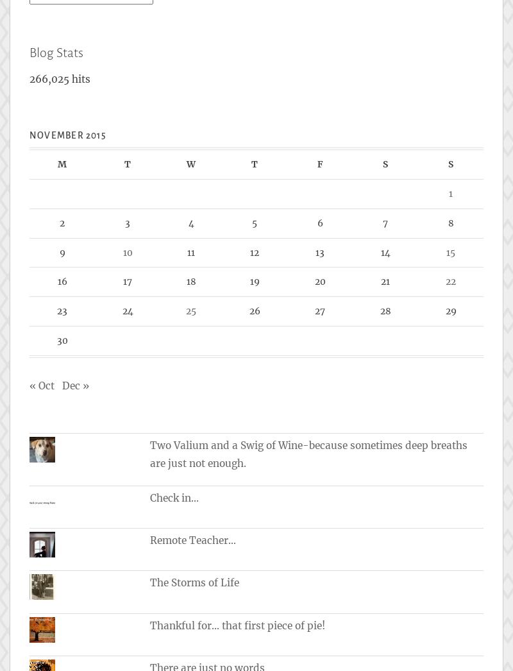 This screenshot has width=513, height=671. What do you see at coordinates (126, 251) in the screenshot?
I see `'10'` at bounding box center [126, 251].